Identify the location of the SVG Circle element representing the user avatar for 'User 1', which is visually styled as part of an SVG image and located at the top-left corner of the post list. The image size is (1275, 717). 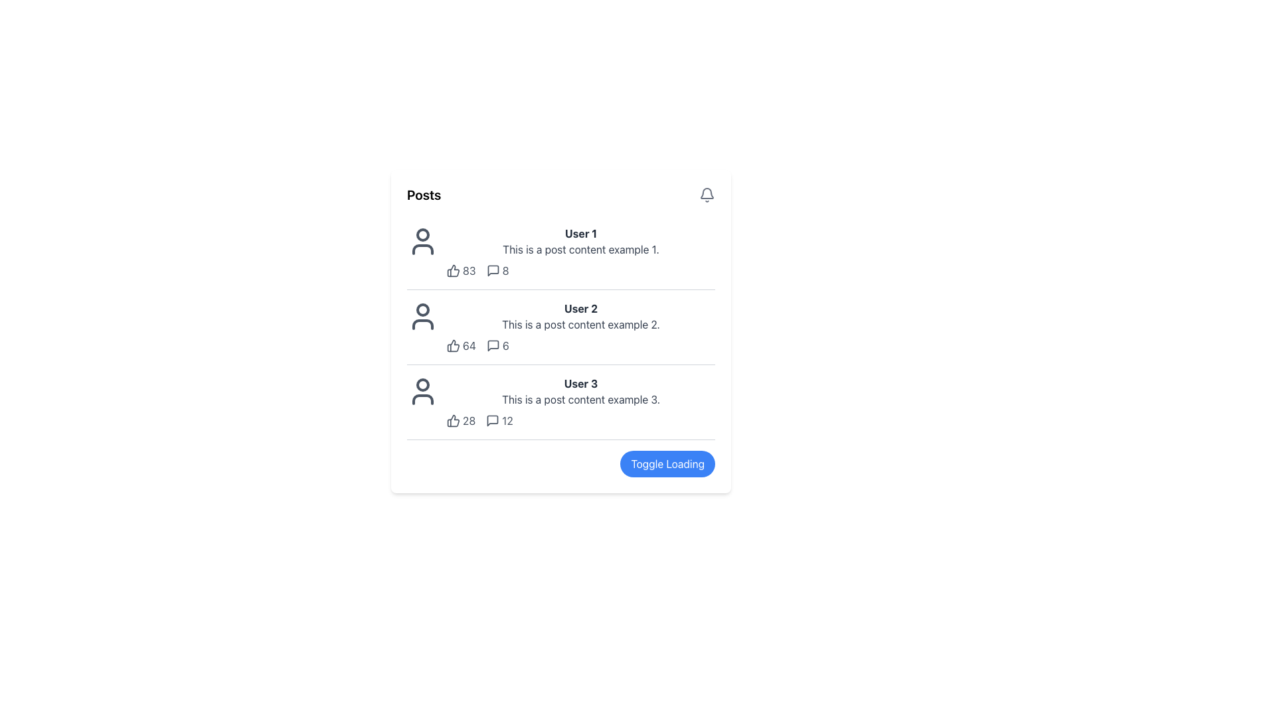
(422, 234).